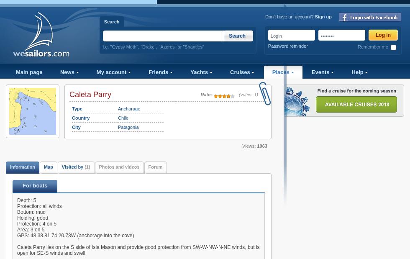  I want to click on 'Yachts', so click(200, 72).